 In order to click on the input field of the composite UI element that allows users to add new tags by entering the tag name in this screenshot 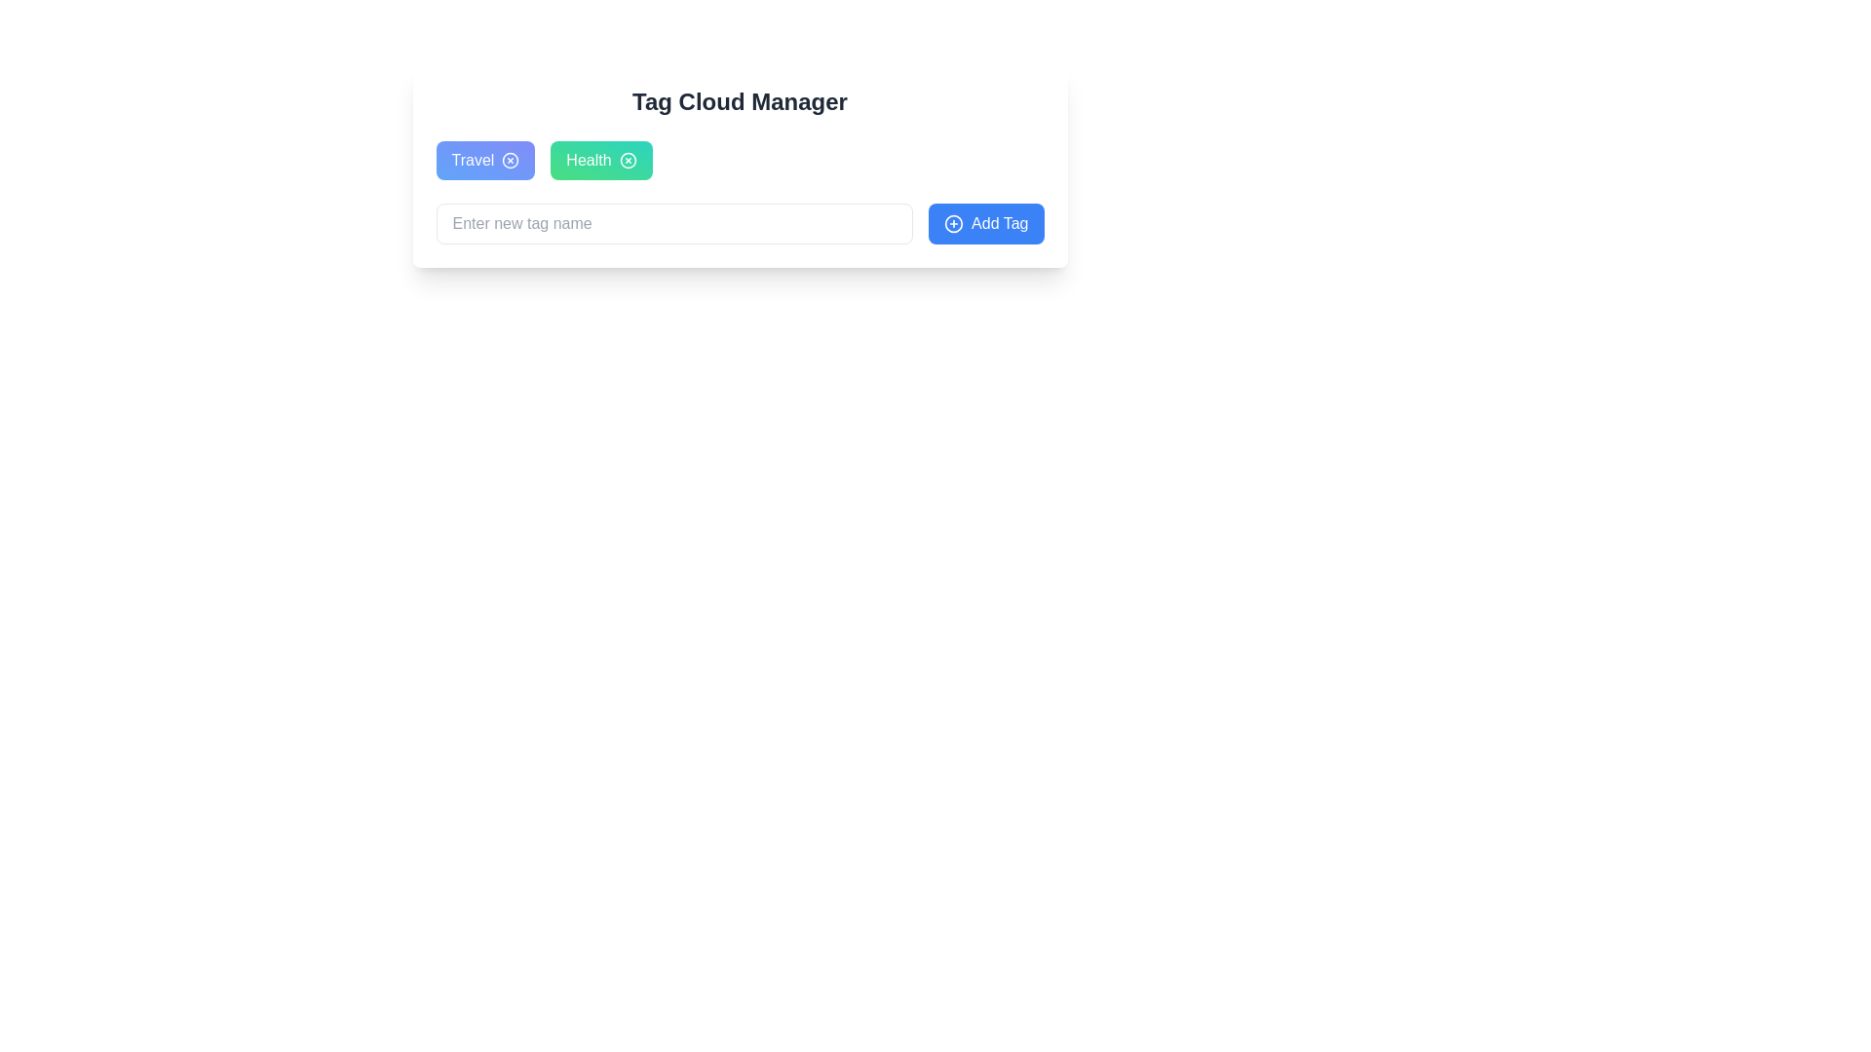, I will do `click(739, 223)`.